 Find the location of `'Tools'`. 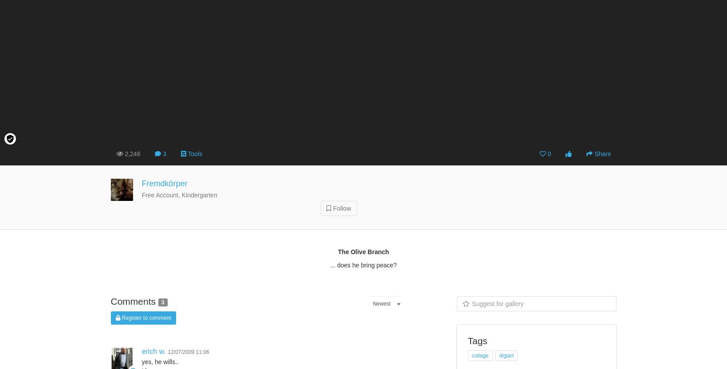

'Tools' is located at coordinates (195, 154).